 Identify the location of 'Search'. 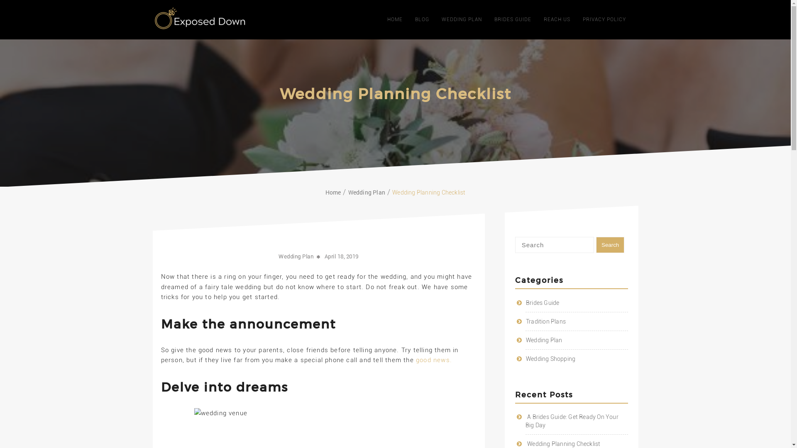
(610, 244).